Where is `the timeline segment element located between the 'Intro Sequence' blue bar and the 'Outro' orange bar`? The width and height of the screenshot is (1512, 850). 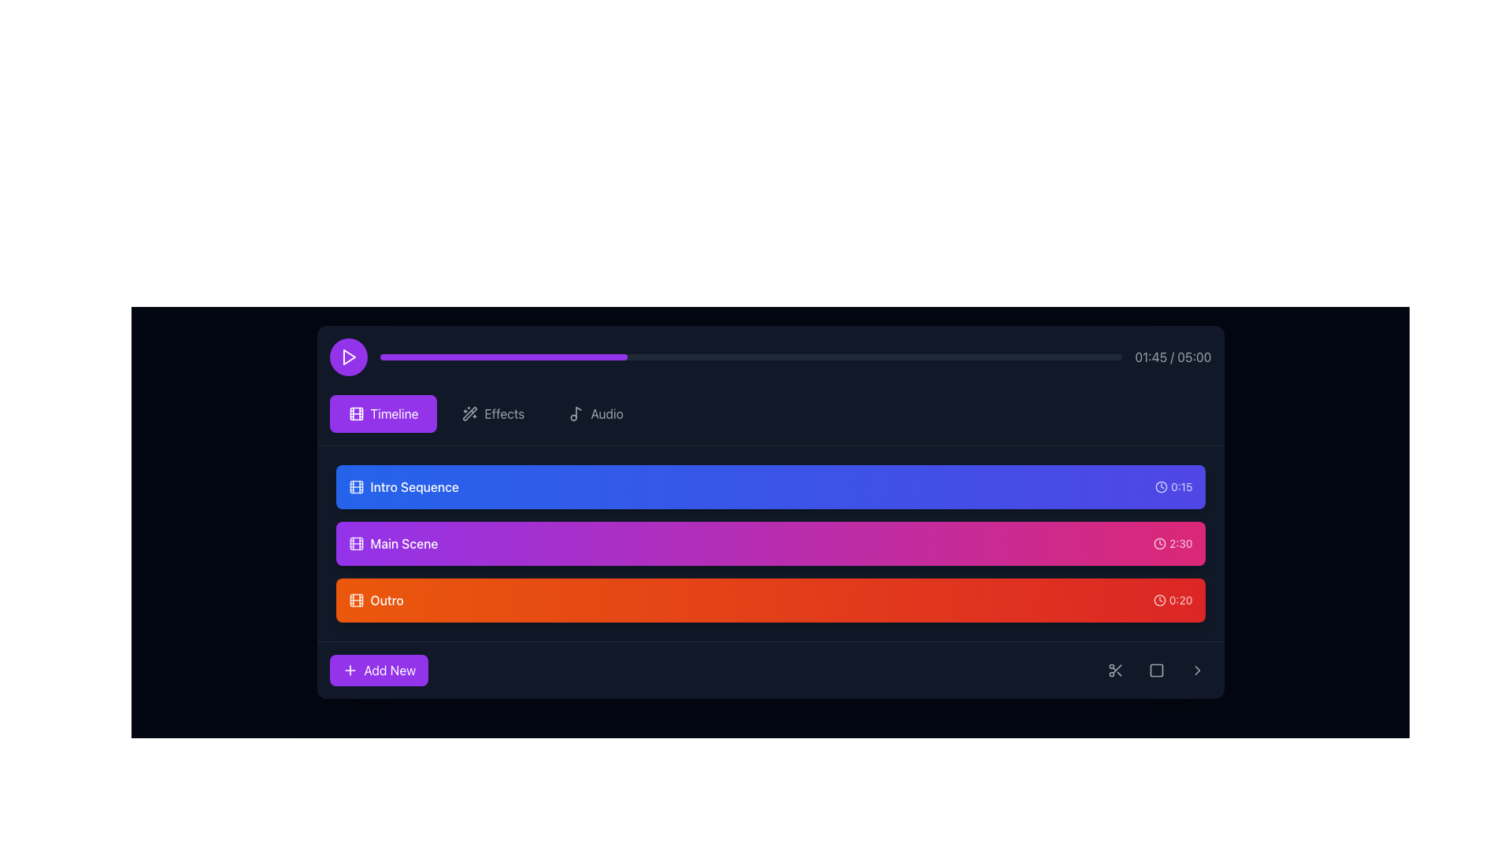 the timeline segment element located between the 'Intro Sequence' blue bar and the 'Outro' orange bar is located at coordinates (770, 542).